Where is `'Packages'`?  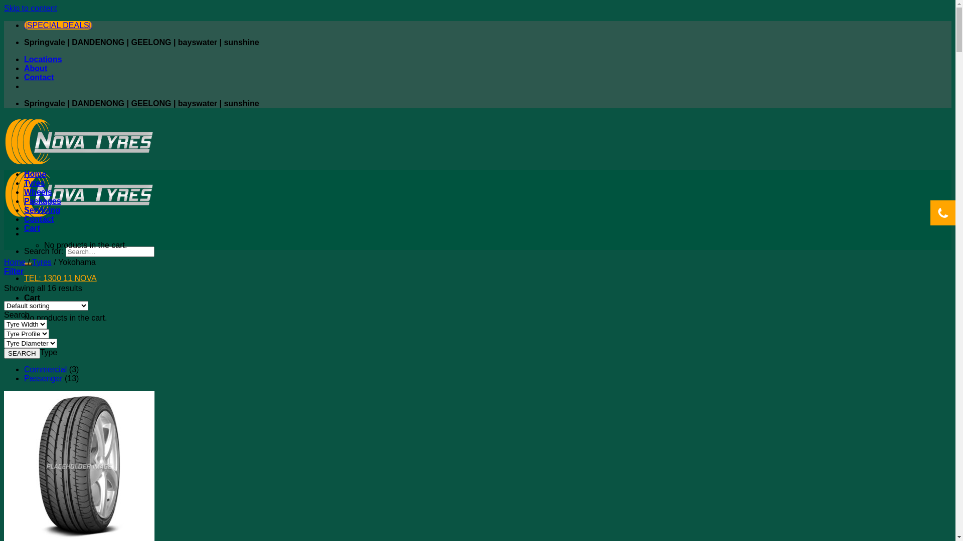
'Packages' is located at coordinates (42, 201).